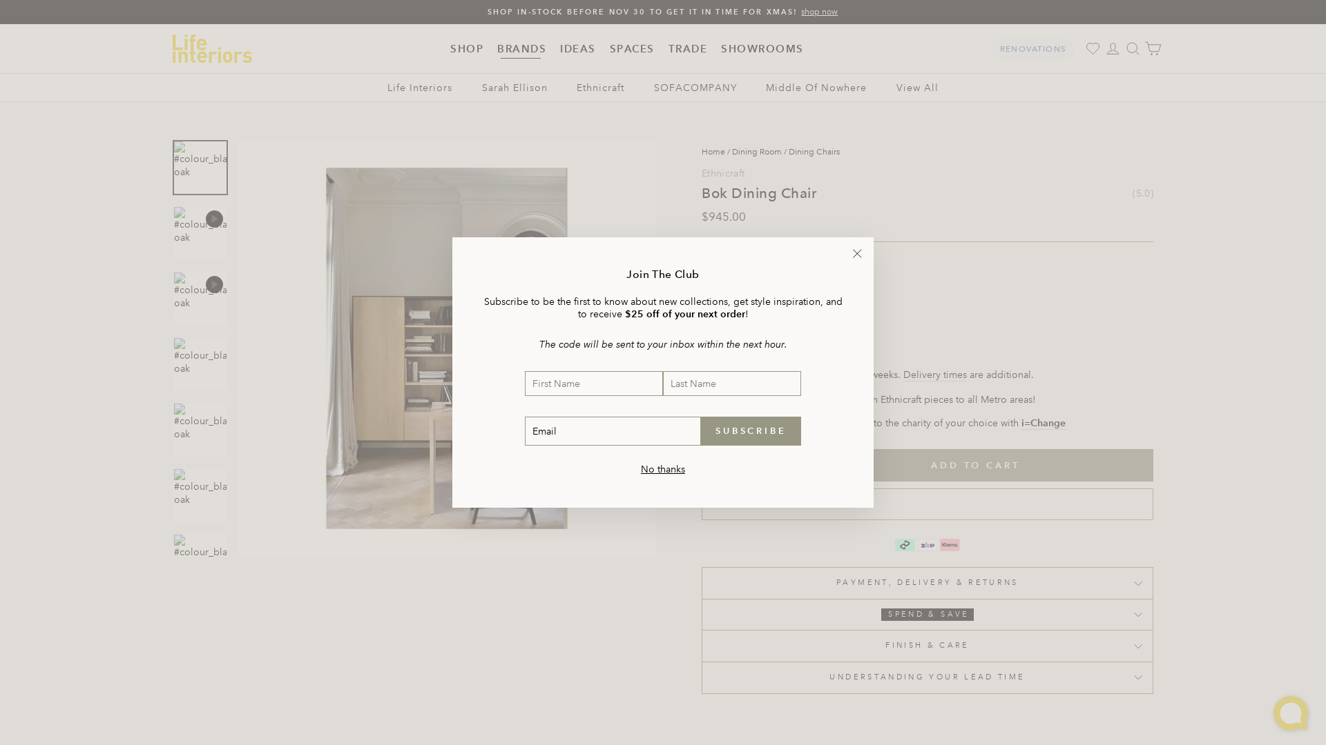 This screenshot has width=1326, height=745. I want to click on 'Delivery times', so click(903, 375).